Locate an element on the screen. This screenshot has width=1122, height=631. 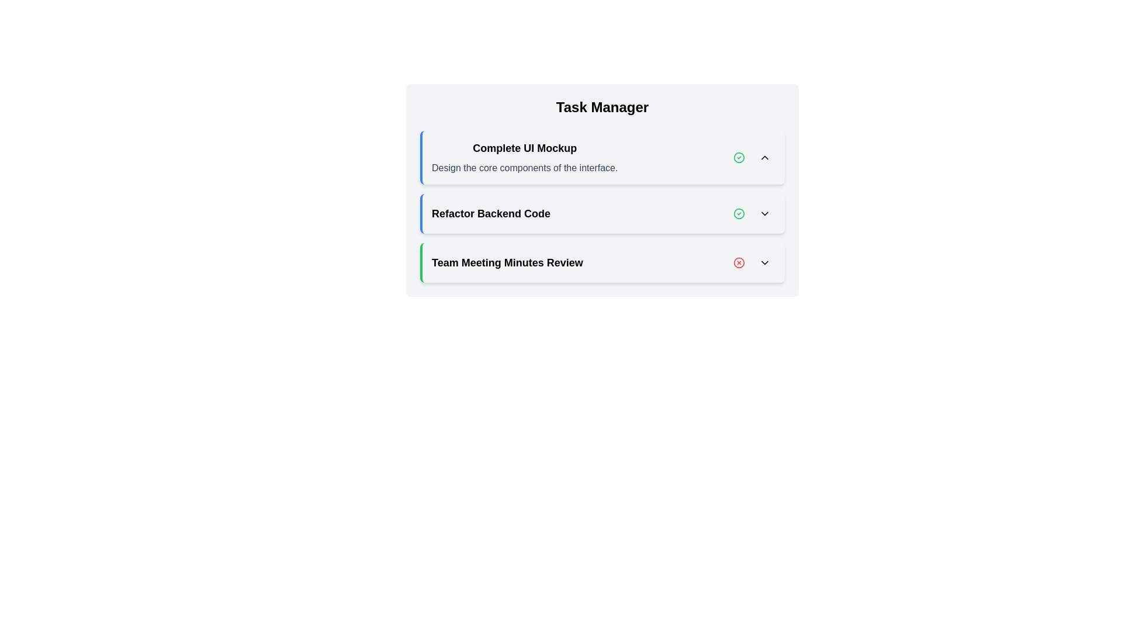
the title text at the top of the layout, which indicates the main purpose of the displayed content for task management is located at coordinates (602, 108).